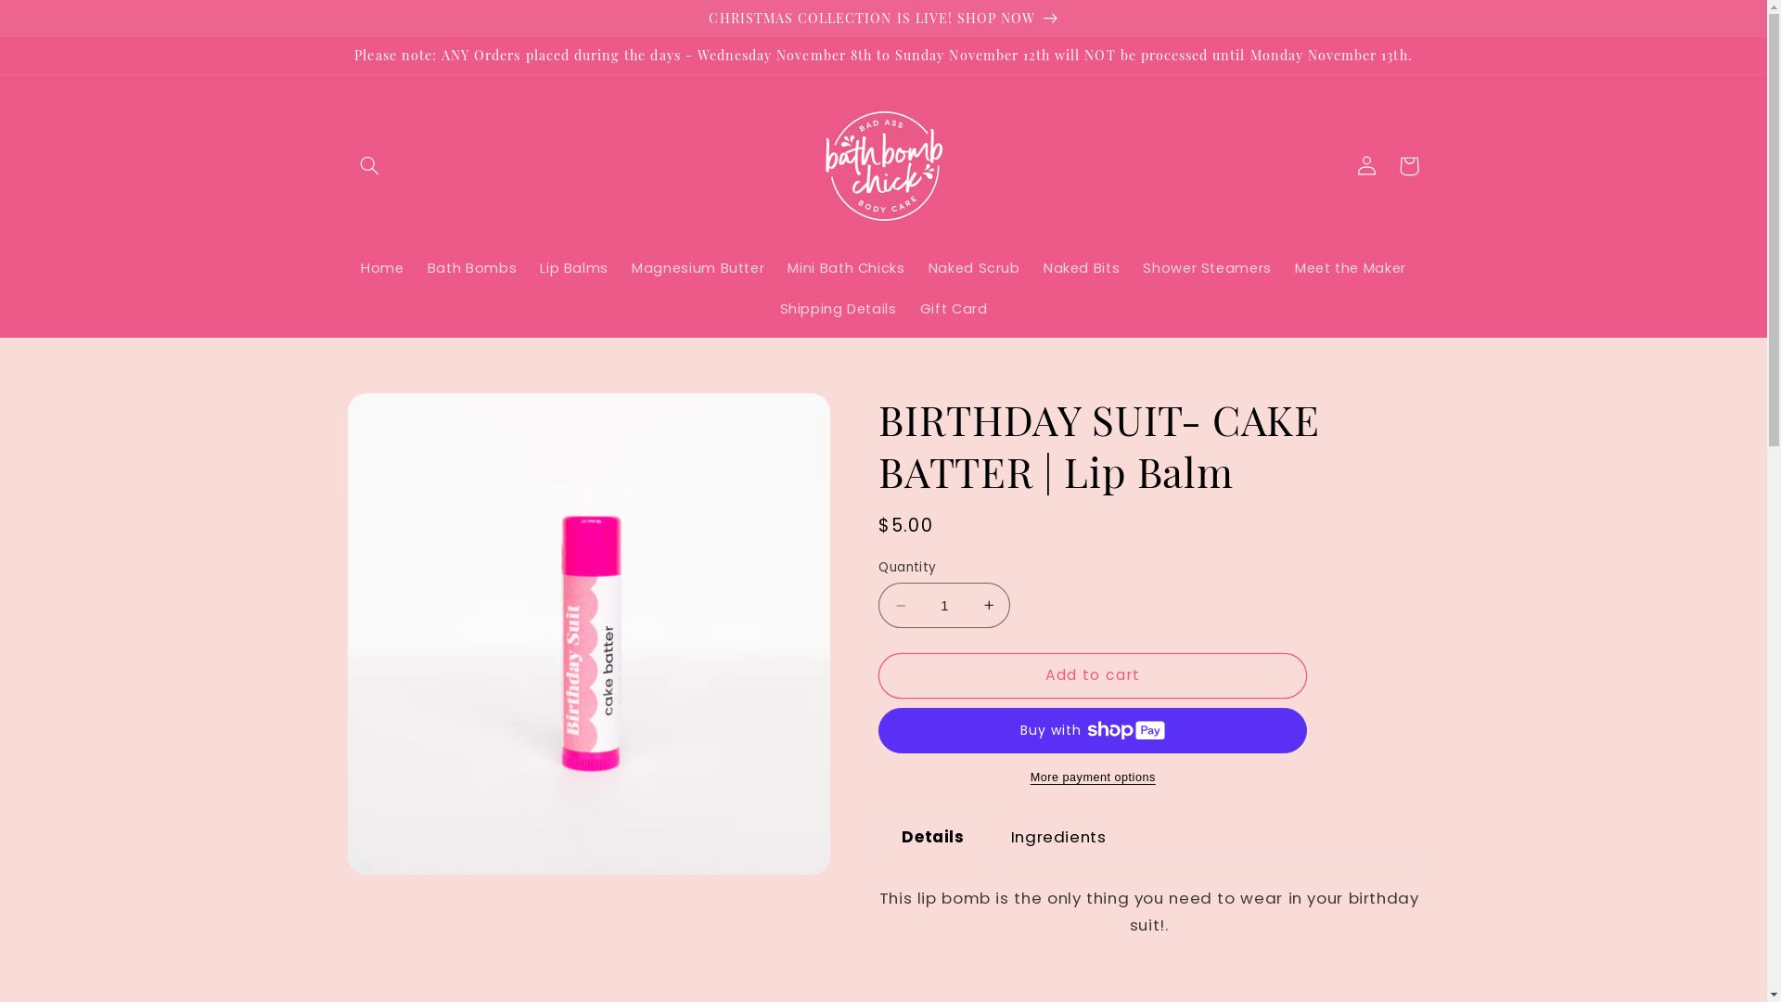 This screenshot has height=1002, width=1781. I want to click on 'Add to cart', so click(1092, 675).